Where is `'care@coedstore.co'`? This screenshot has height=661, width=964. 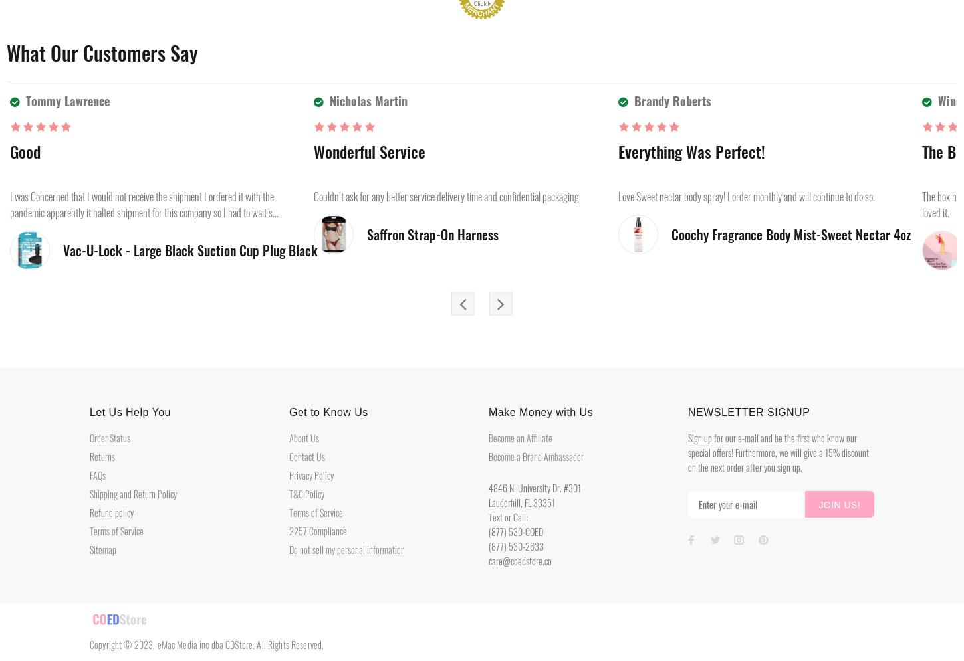 'care@coedstore.co' is located at coordinates (520, 561).